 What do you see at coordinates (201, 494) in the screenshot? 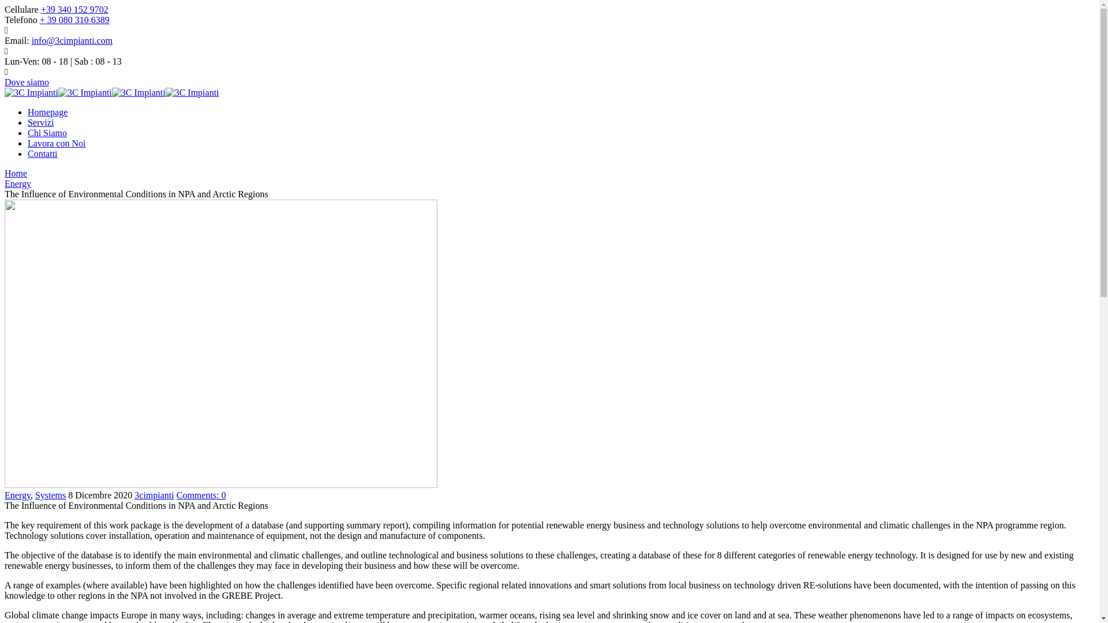
I see `'Comments: 0'` at bounding box center [201, 494].